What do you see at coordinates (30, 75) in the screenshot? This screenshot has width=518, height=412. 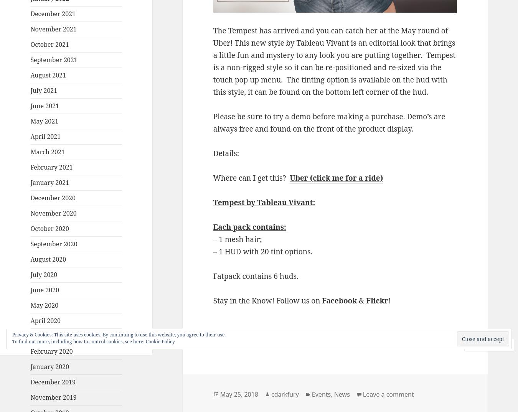 I see `'August 2021'` at bounding box center [30, 75].